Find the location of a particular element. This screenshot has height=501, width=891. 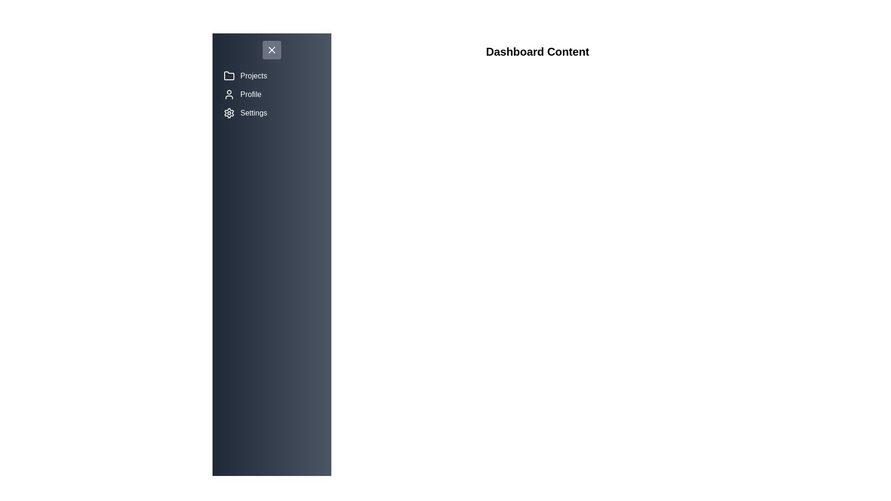

toggle button at the top-left corner of the drawer to close it is located at coordinates (271, 50).